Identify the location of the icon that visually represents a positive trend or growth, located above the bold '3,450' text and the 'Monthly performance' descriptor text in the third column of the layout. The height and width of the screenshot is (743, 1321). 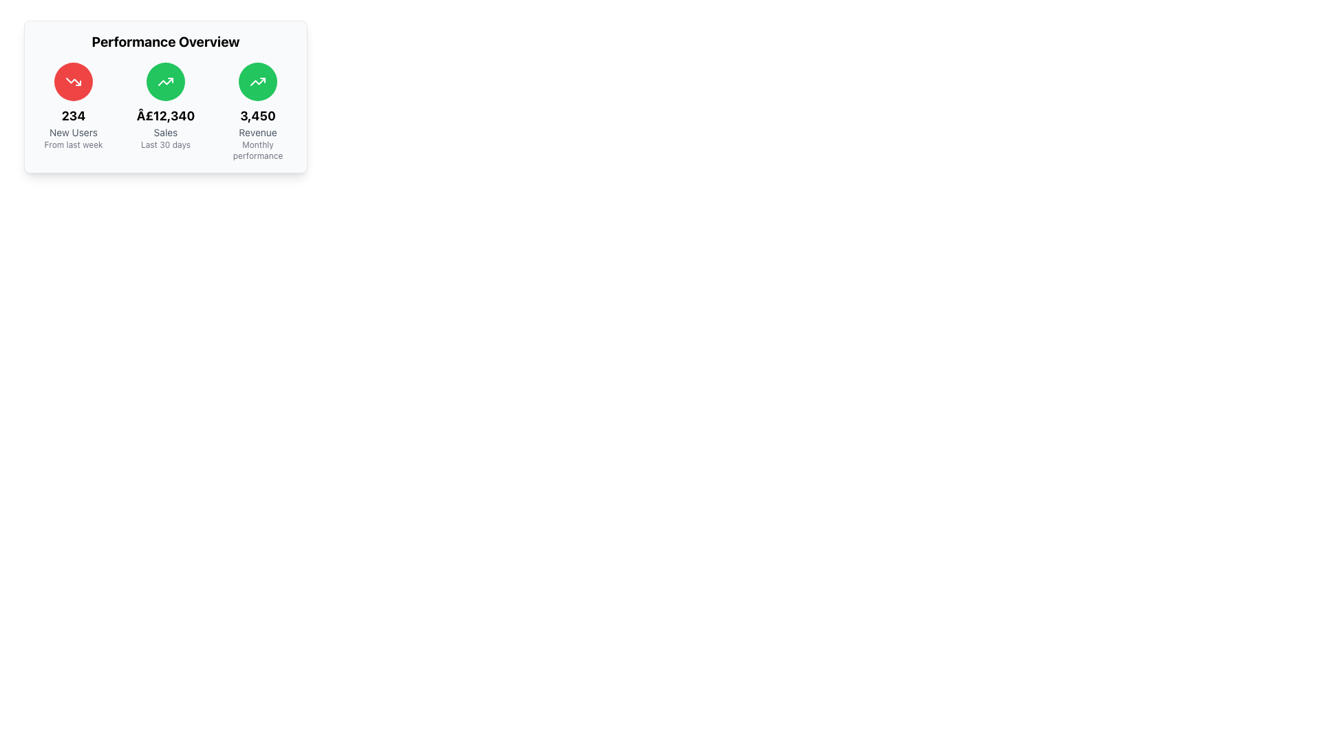
(257, 82).